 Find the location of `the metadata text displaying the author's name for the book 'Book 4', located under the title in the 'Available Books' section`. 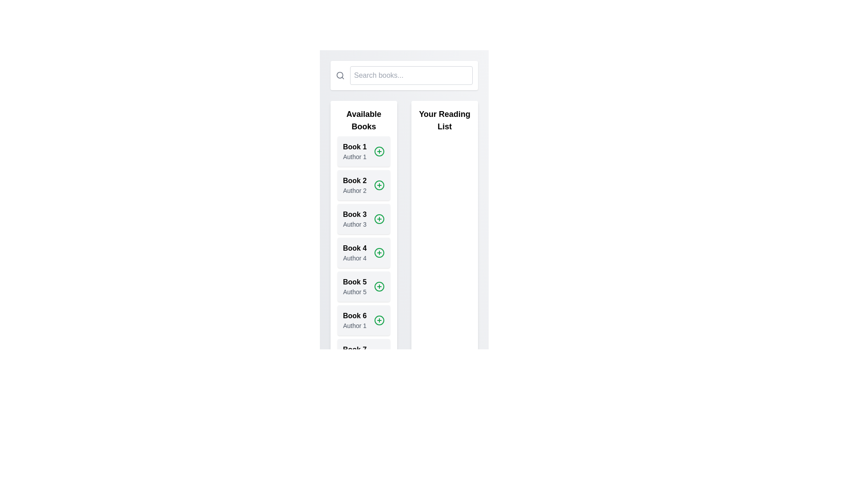

the metadata text displaying the author's name for the book 'Book 4', located under the title in the 'Available Books' section is located at coordinates (354, 258).